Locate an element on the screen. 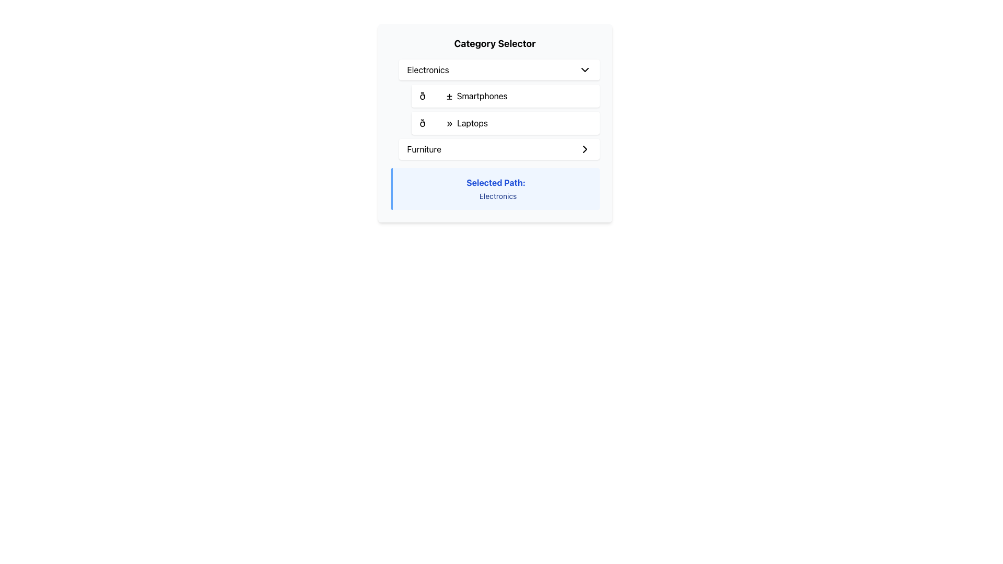 Image resolution: width=1003 pixels, height=564 pixels. the 'Electronics' label located in the topmost row of the category selection interface is located at coordinates (428, 70).